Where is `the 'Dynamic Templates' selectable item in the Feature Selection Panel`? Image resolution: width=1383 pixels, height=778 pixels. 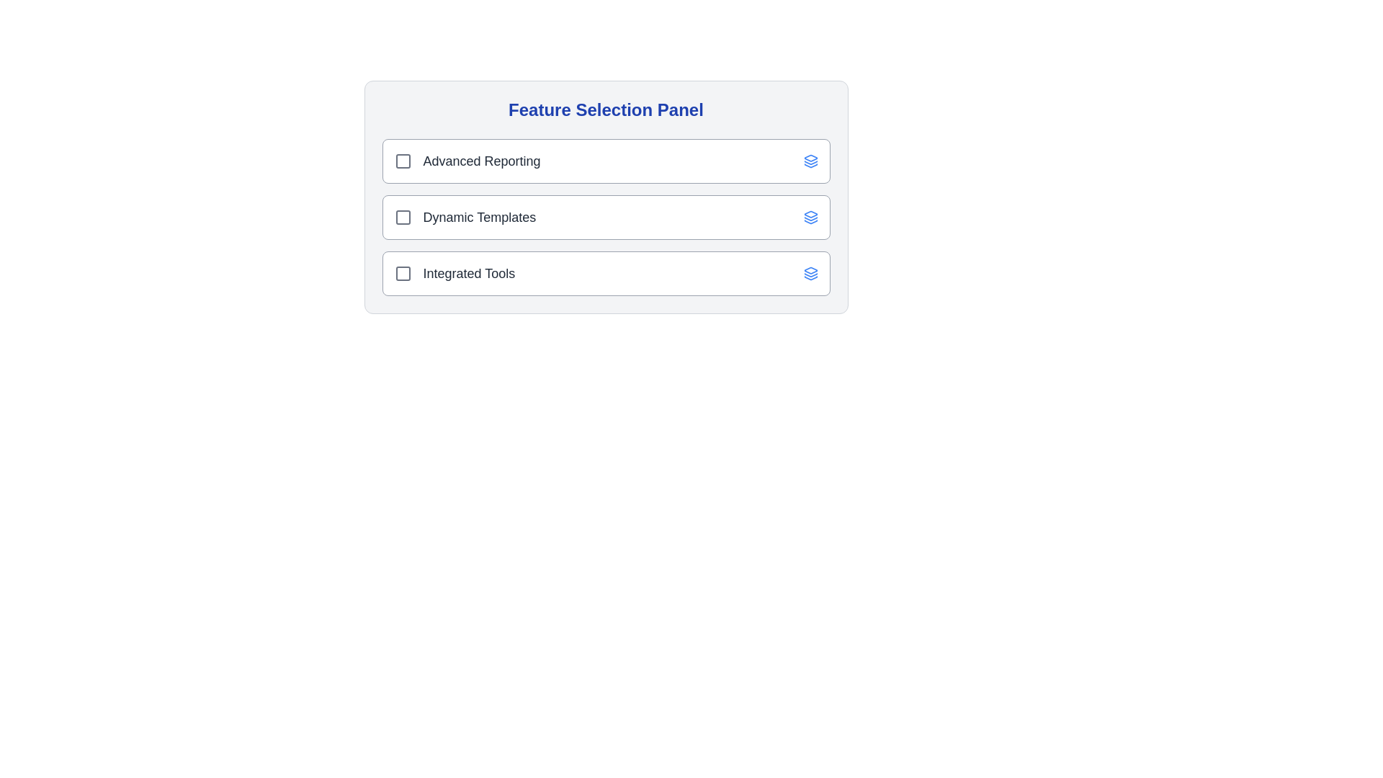
the 'Dynamic Templates' selectable item in the Feature Selection Panel is located at coordinates (606, 217).